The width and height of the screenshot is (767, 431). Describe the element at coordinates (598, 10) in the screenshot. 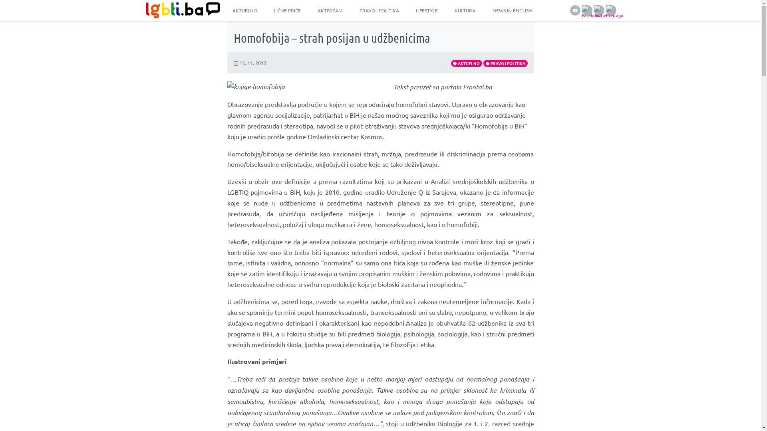

I see `'Twitter'` at that location.